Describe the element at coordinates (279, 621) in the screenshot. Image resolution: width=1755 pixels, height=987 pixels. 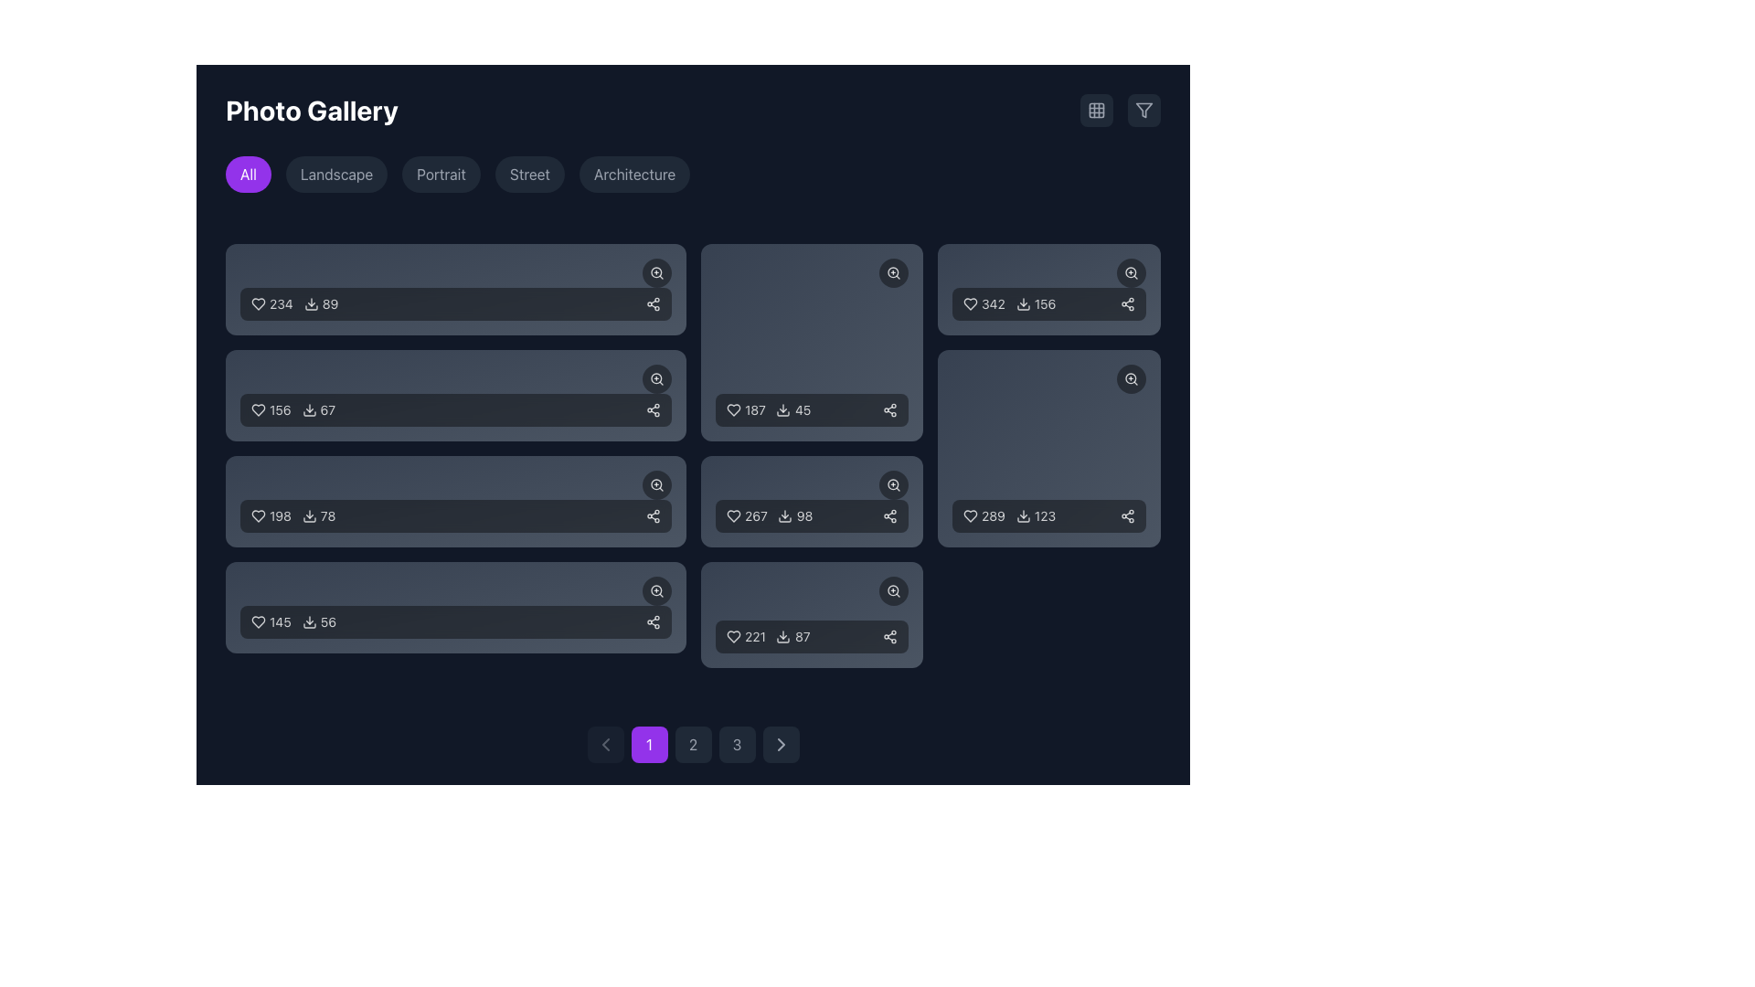
I see `the text element displaying a numerical value located in the bottommost card of the leftmost column, next to a heart icon and indicating the number 56` at that location.